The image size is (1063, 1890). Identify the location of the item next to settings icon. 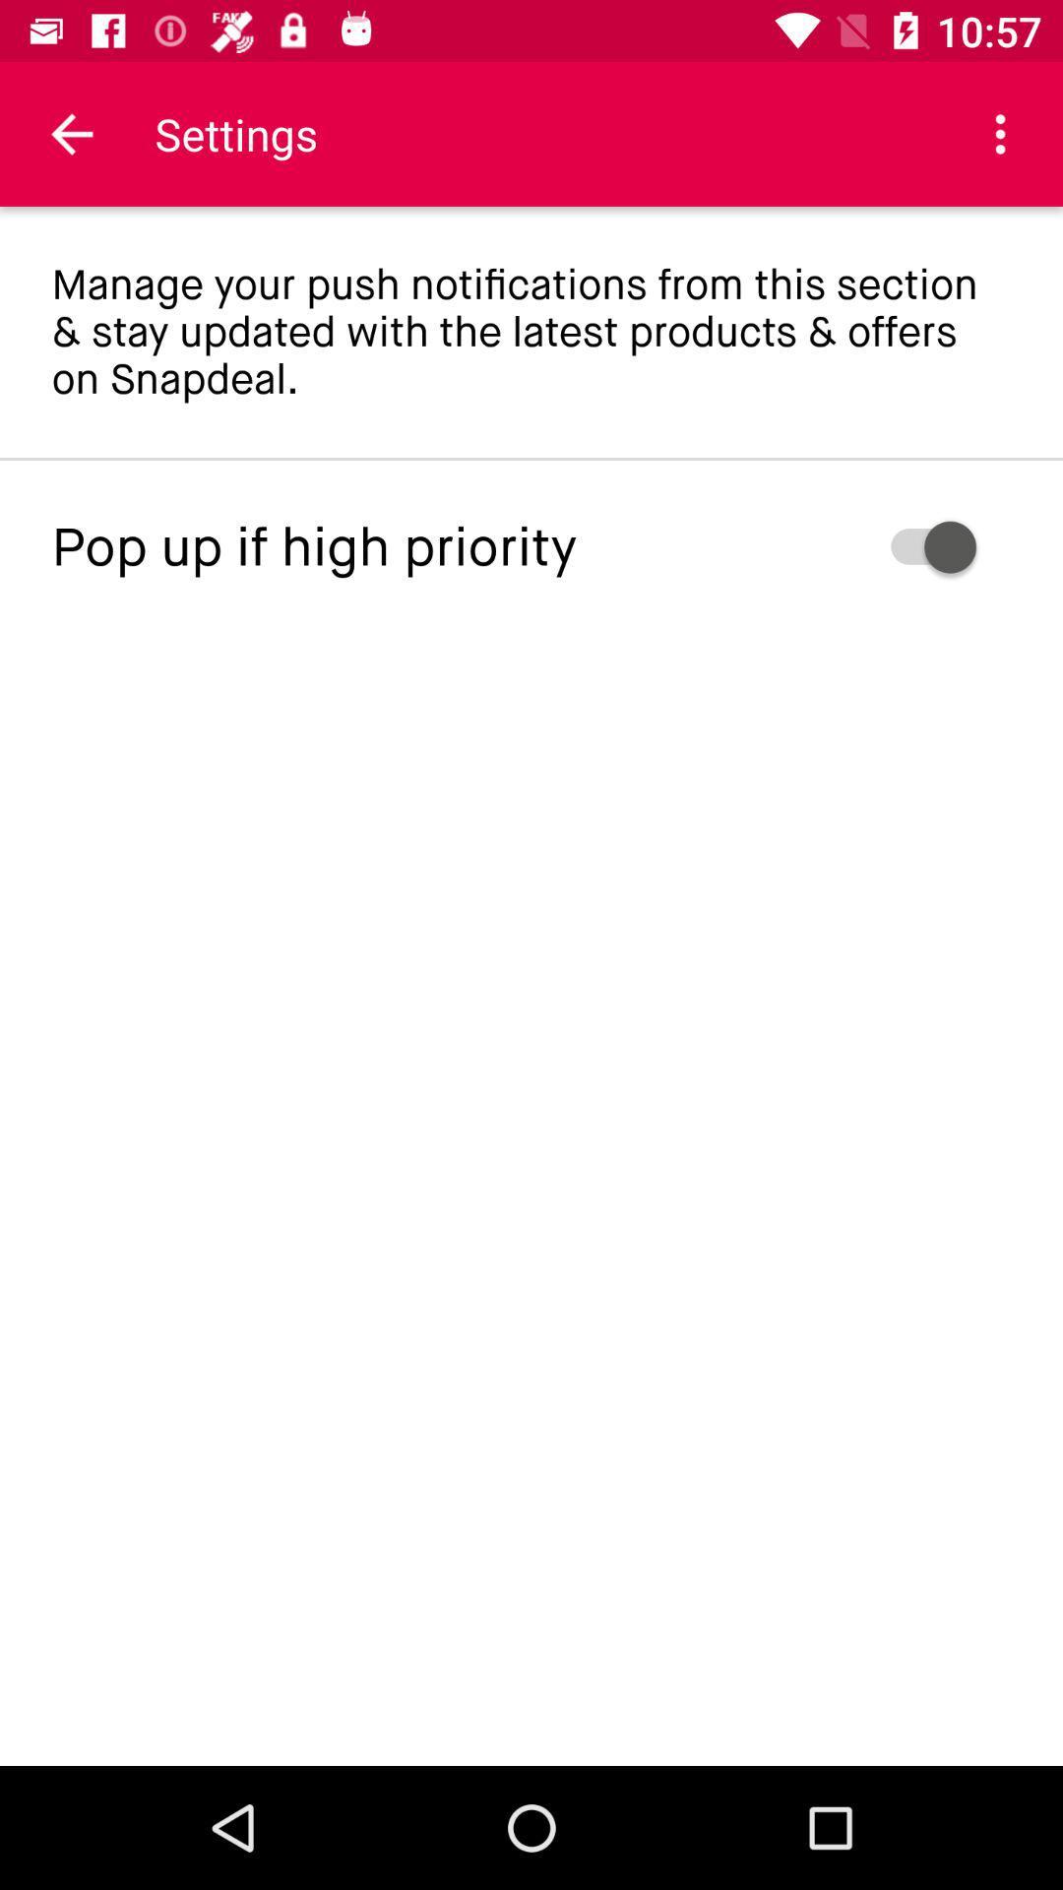
(71, 133).